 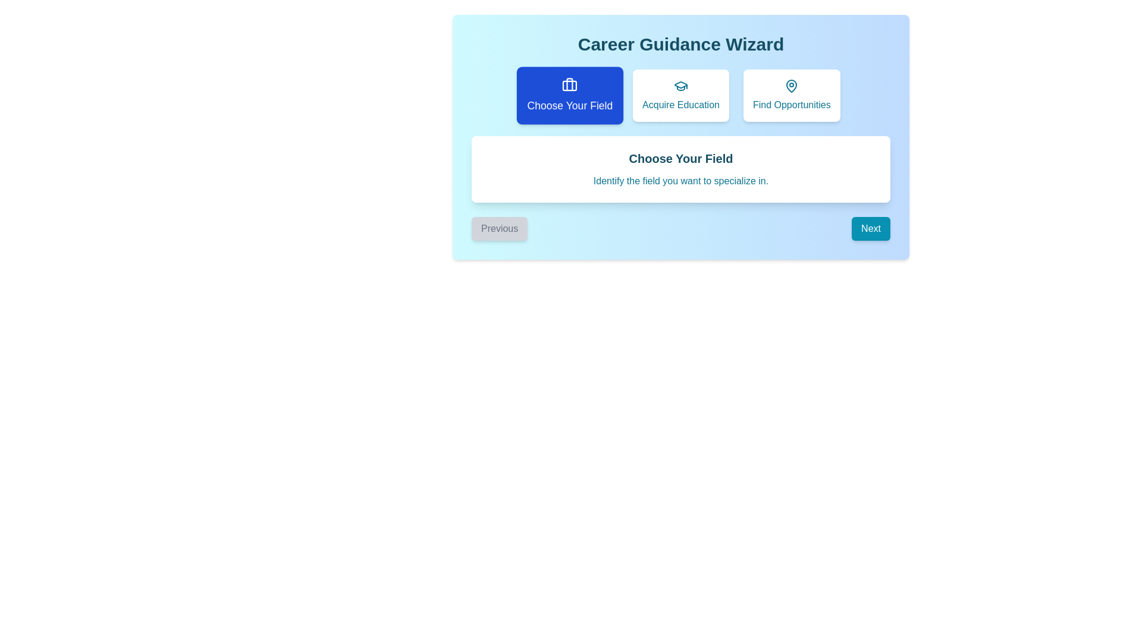 What do you see at coordinates (569, 84) in the screenshot?
I see `the decorative icon representing a briefcase or toolbox on the 'Choose Your Field' button, which is visually distinct with a blue background` at bounding box center [569, 84].